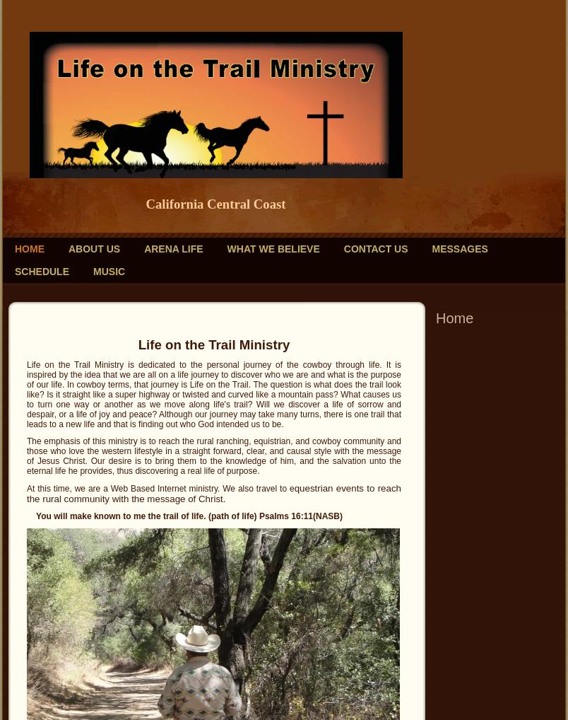  What do you see at coordinates (215, 204) in the screenshot?
I see `'California Central Coast'` at bounding box center [215, 204].